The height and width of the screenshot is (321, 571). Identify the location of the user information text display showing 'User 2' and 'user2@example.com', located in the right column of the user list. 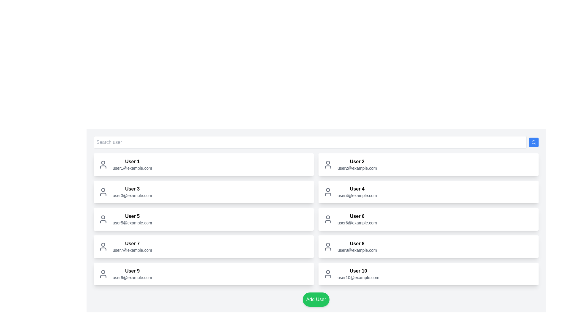
(357, 165).